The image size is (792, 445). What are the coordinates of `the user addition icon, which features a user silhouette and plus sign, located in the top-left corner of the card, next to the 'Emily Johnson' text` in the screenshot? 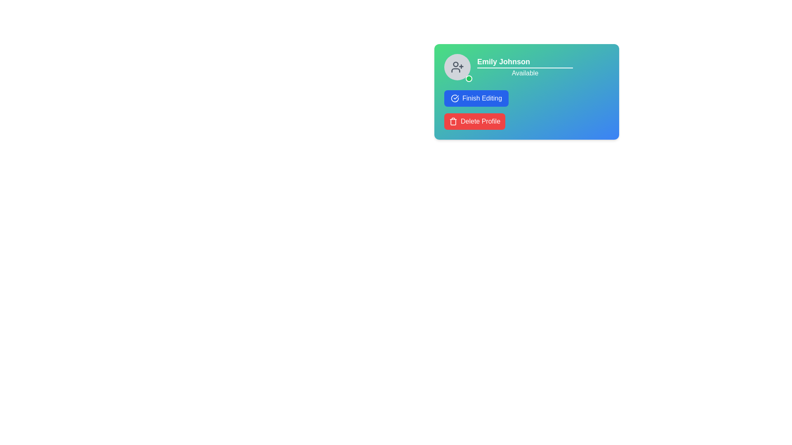 It's located at (457, 66).